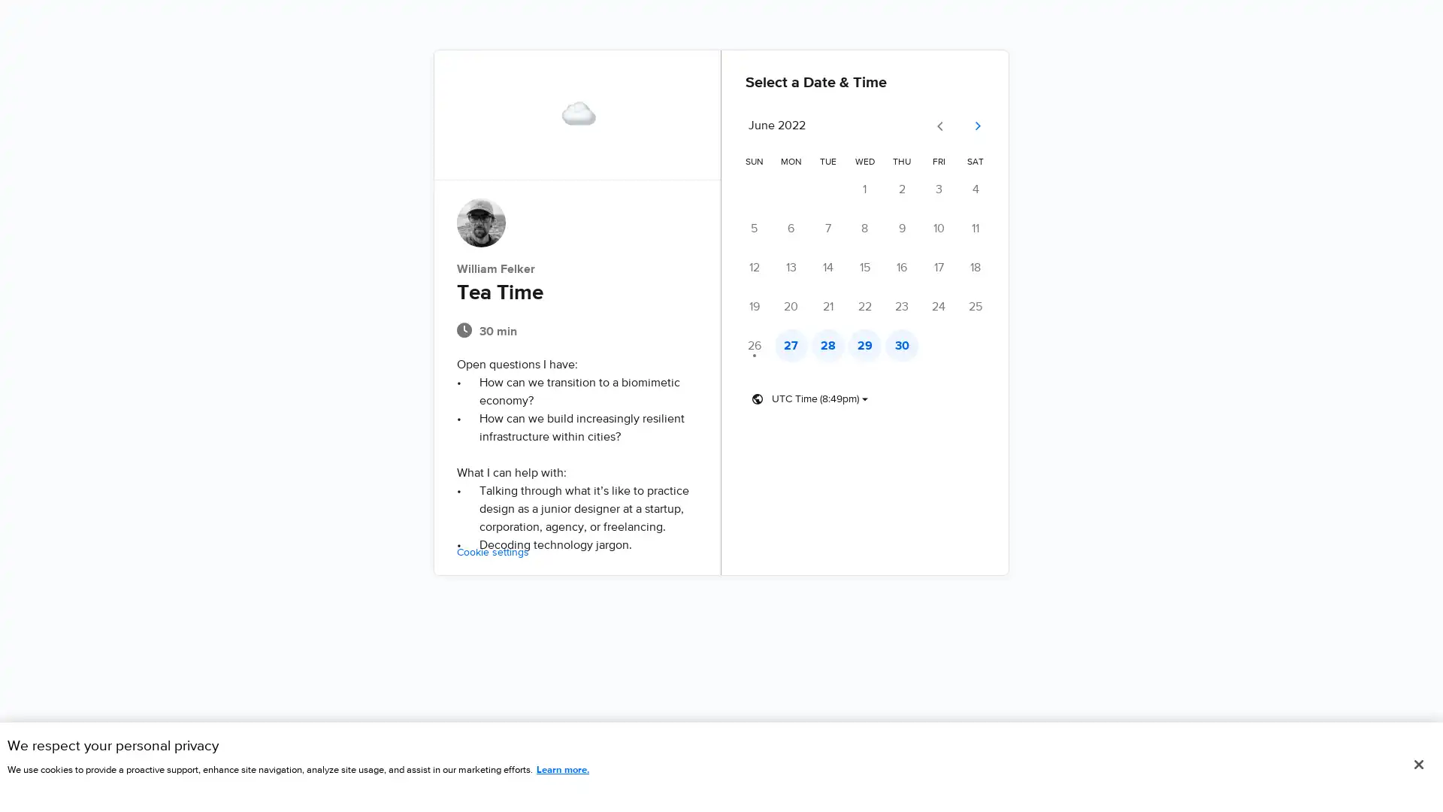 The height and width of the screenshot is (812, 1443). Describe the element at coordinates (909, 188) in the screenshot. I see `Thursday, June 2 - No times available` at that location.